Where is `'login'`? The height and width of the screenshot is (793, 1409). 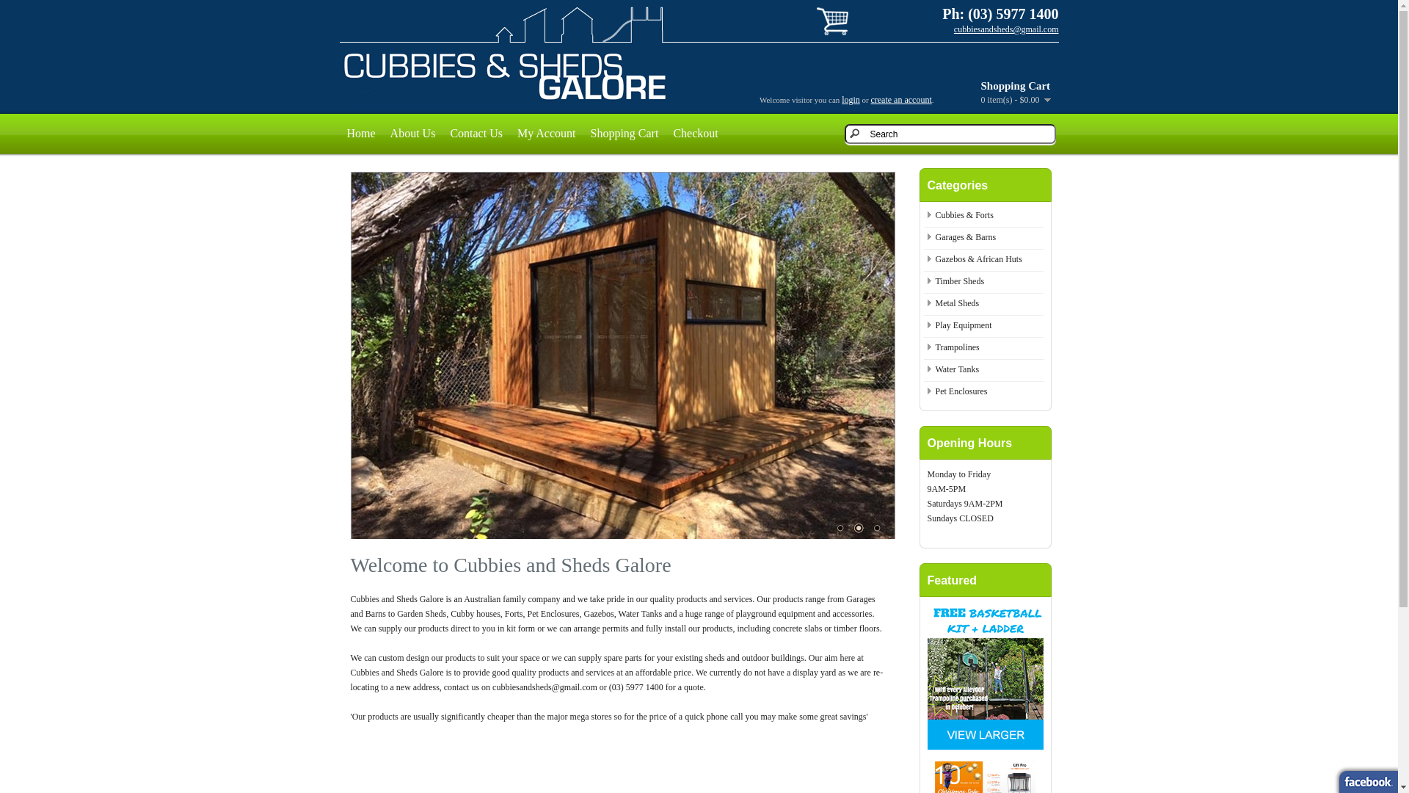
'login' is located at coordinates (851, 99).